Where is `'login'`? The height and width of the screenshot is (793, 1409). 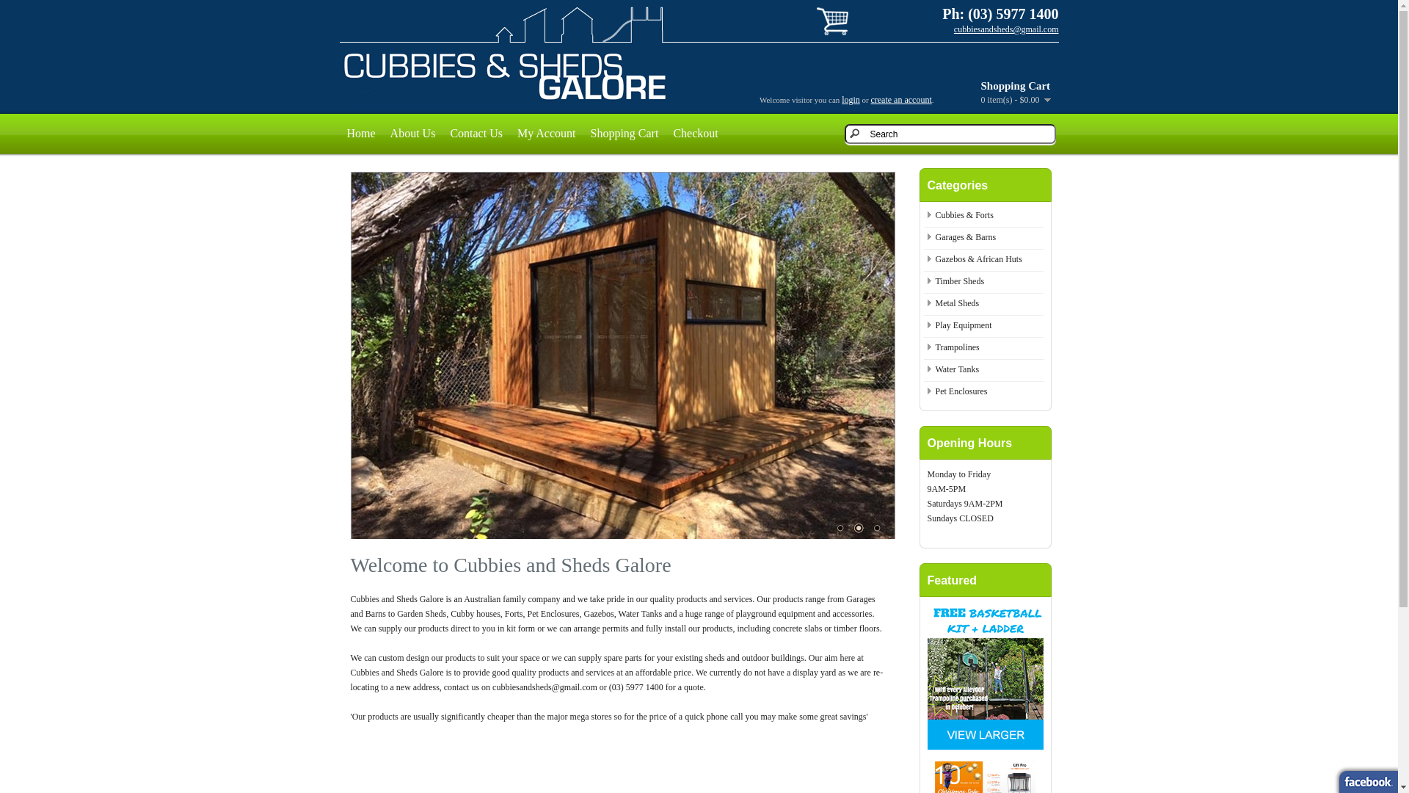
'login' is located at coordinates (851, 99).